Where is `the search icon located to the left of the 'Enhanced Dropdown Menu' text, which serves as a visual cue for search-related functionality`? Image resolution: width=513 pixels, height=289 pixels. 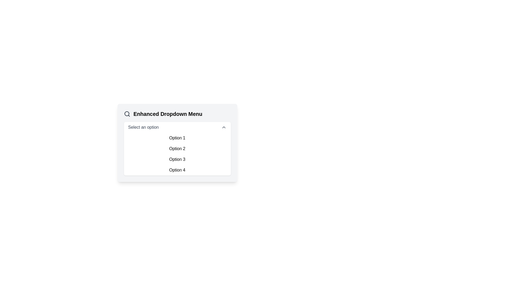
the search icon located to the left of the 'Enhanced Dropdown Menu' text, which serves as a visual cue for search-related functionality is located at coordinates (127, 113).